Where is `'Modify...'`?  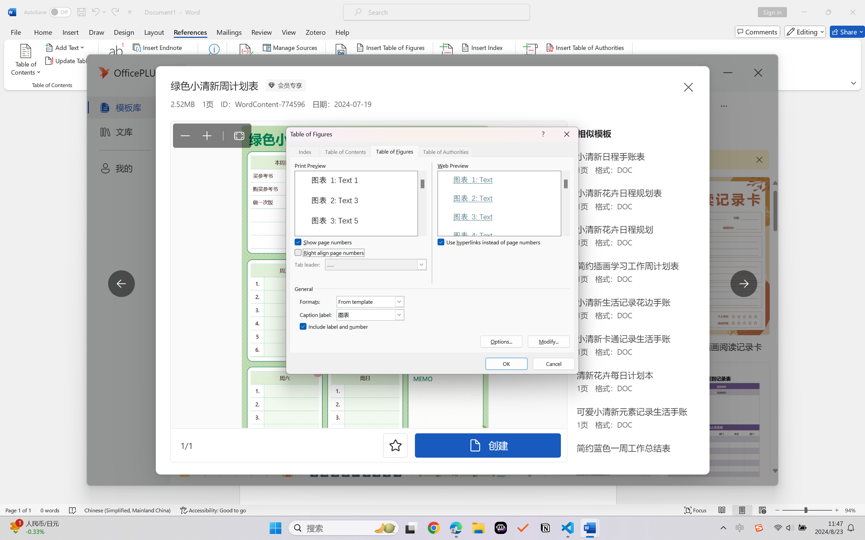
'Modify...' is located at coordinates (548, 341).